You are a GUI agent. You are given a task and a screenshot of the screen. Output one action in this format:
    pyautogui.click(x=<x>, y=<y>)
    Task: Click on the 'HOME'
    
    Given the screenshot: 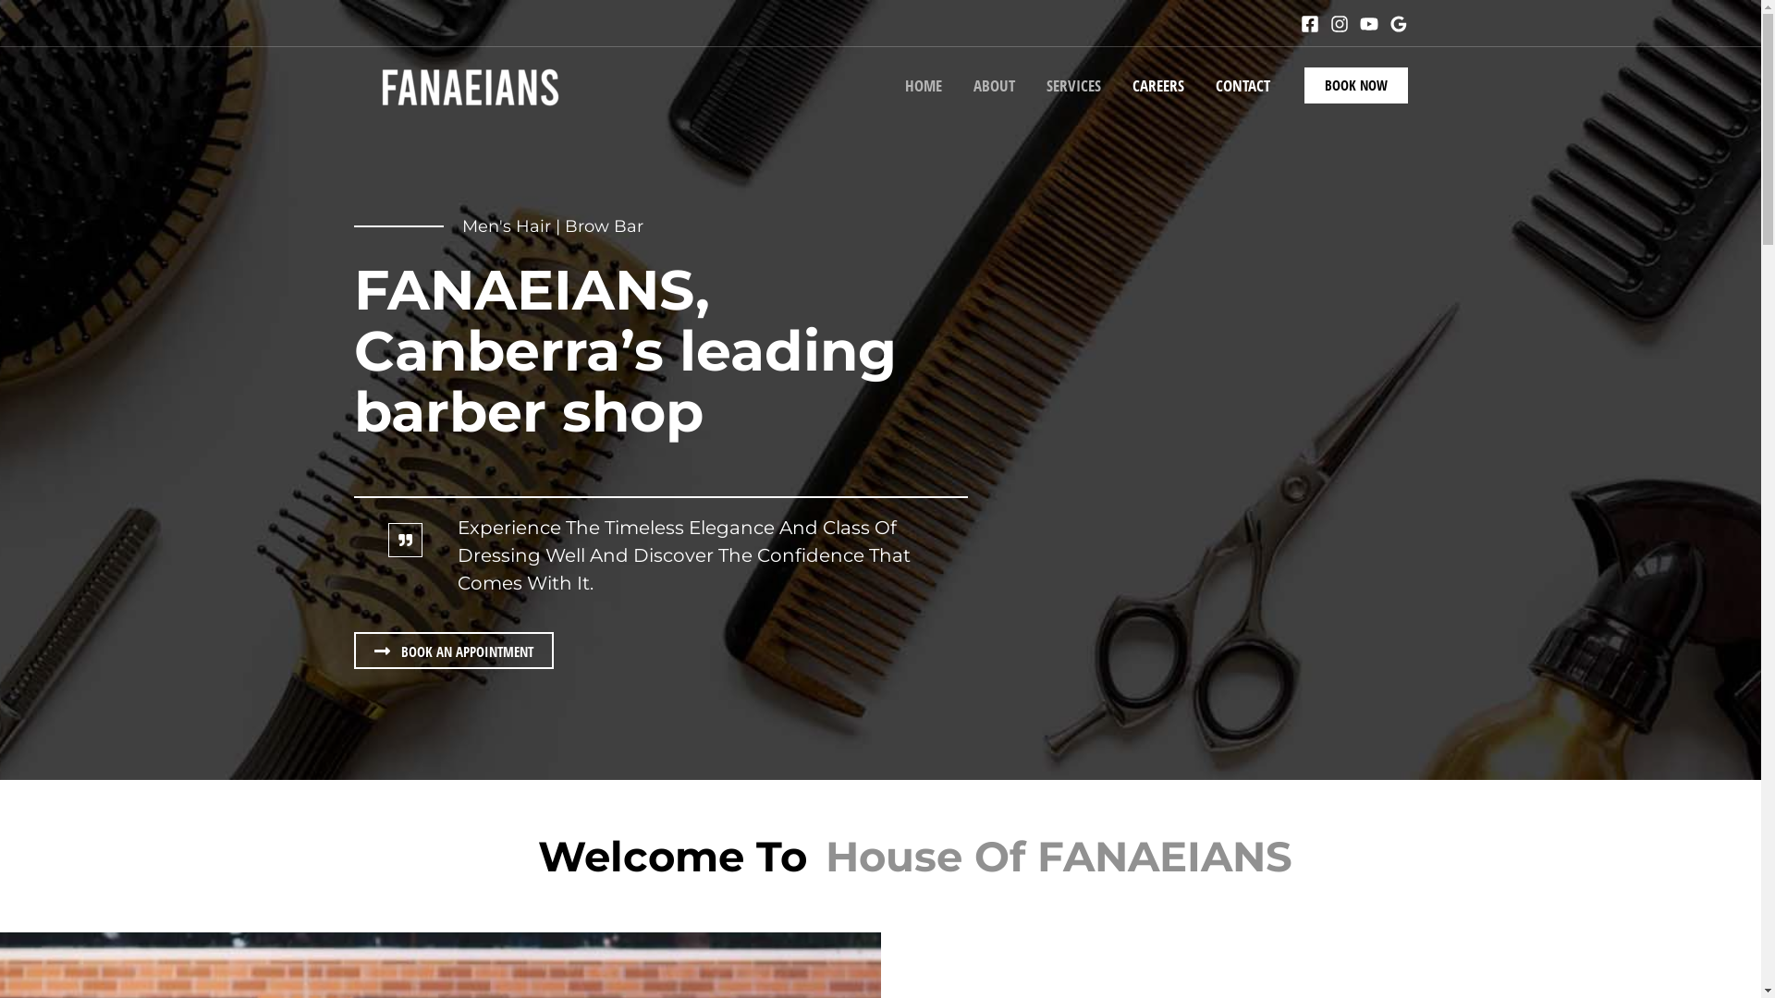 What is the action you would take?
    pyautogui.click(x=923, y=85)
    